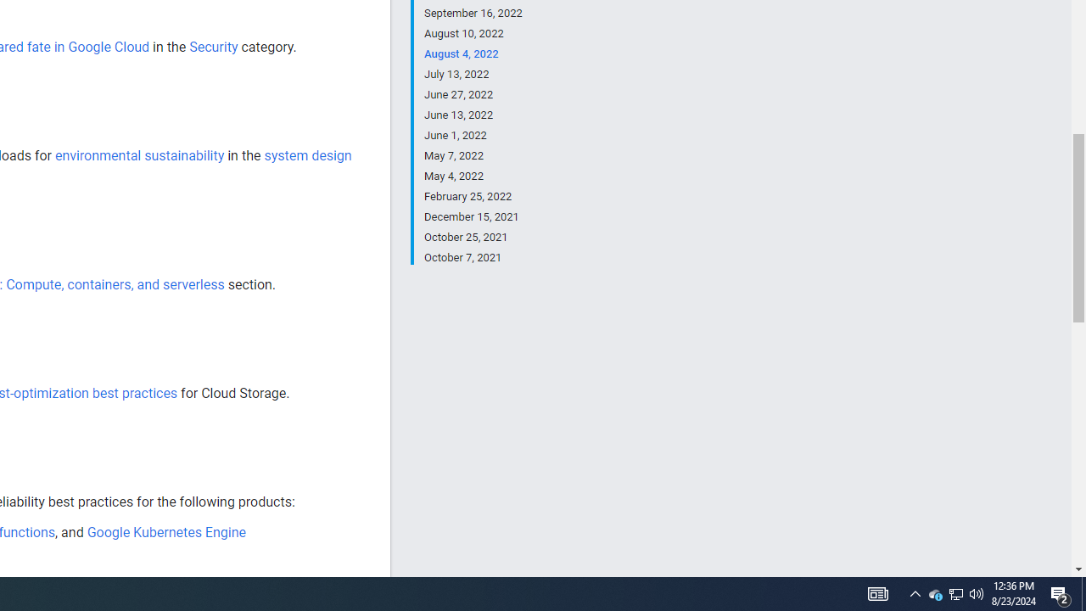 This screenshot has height=611, width=1086. Describe the element at coordinates (473, 53) in the screenshot. I see `'August 4, 2022'` at that location.